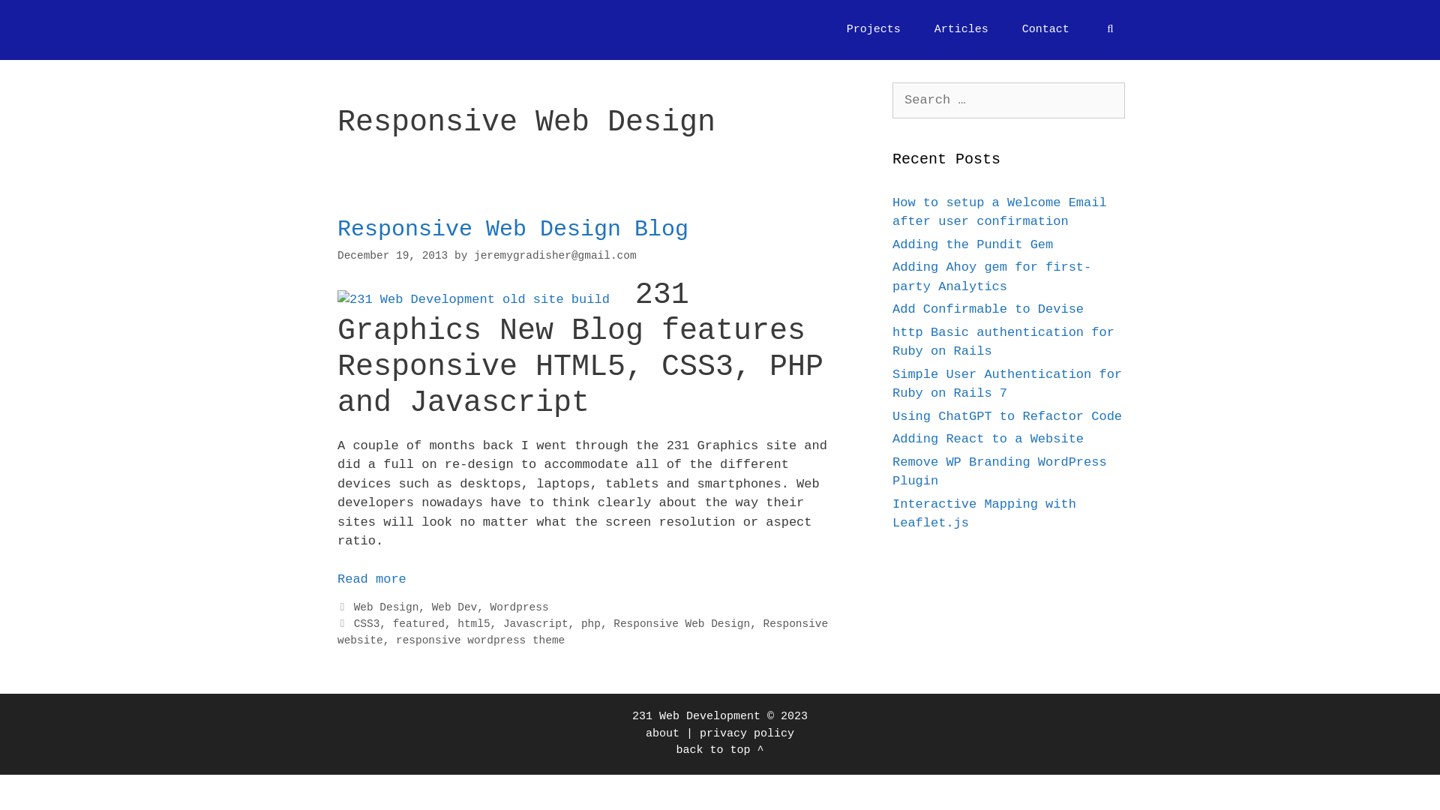  I want to click on 'Adding React to a Website', so click(988, 439).